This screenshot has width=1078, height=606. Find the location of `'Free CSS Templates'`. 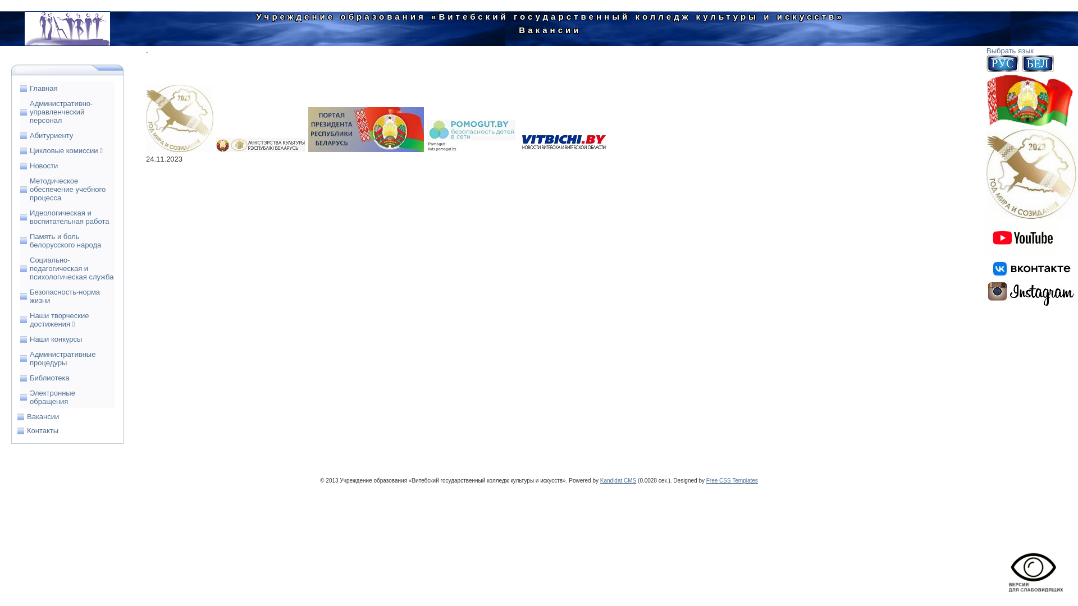

'Free CSS Templates' is located at coordinates (732, 480).